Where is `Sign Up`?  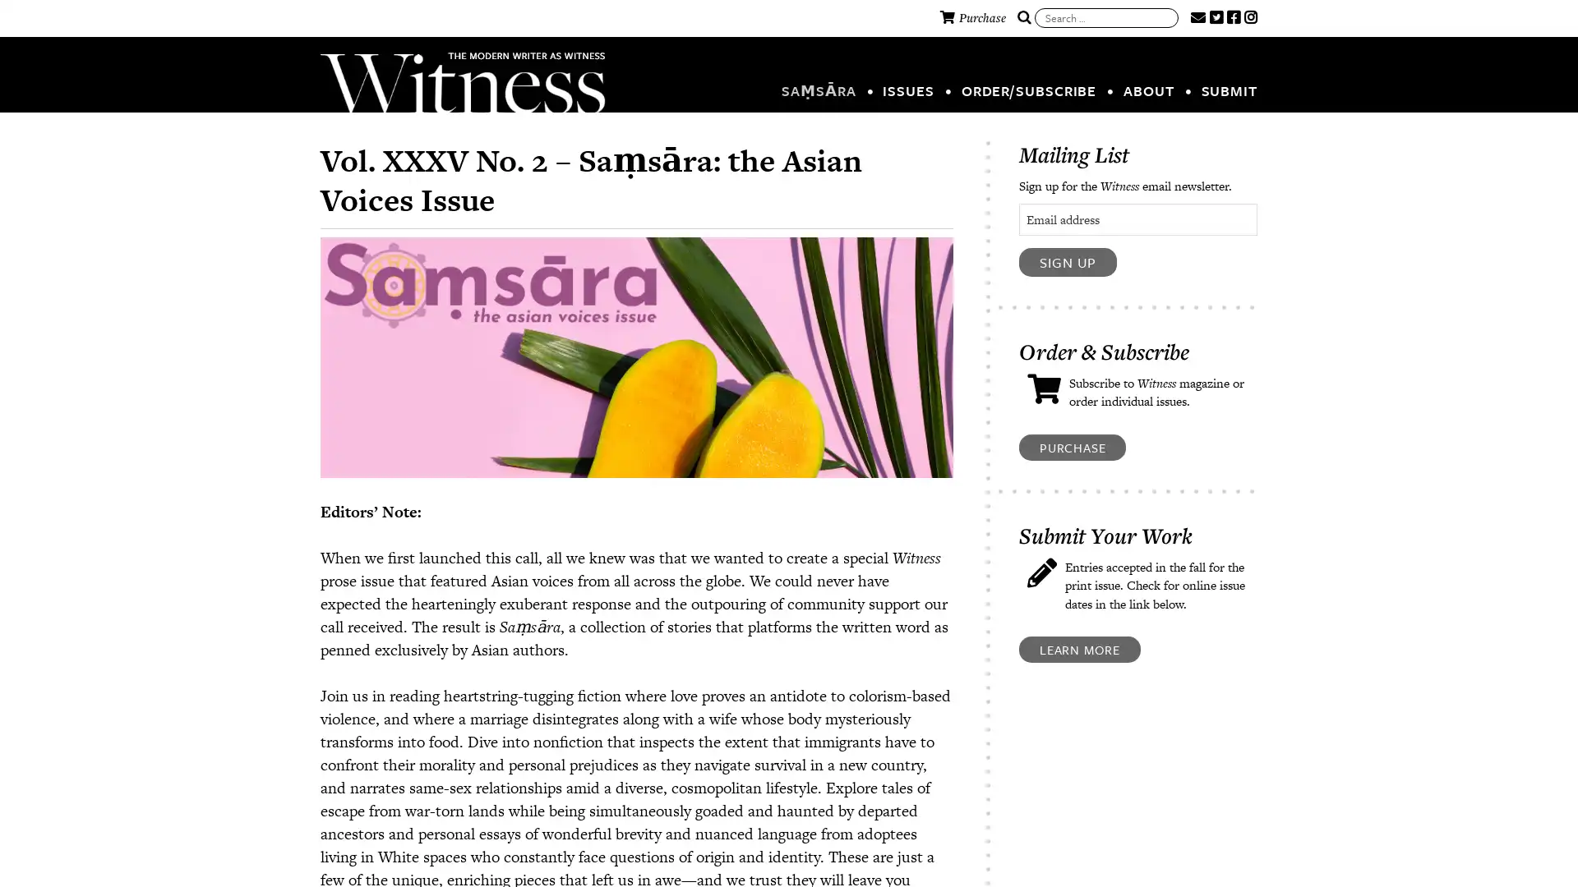 Sign Up is located at coordinates (1068, 261).